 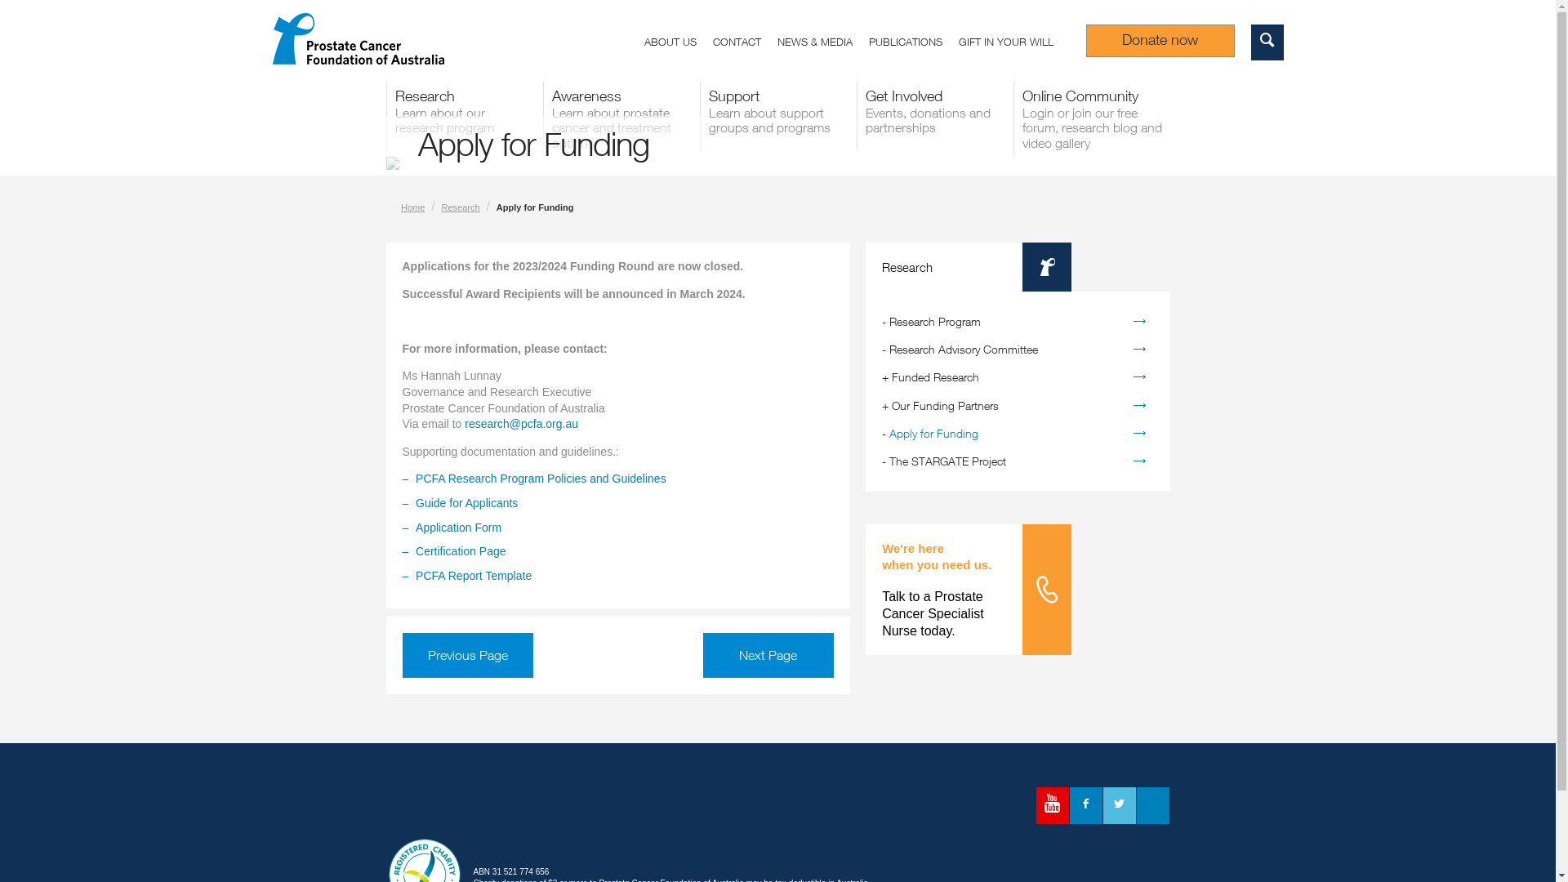 I want to click on 'Donate now', so click(x=1159, y=40).